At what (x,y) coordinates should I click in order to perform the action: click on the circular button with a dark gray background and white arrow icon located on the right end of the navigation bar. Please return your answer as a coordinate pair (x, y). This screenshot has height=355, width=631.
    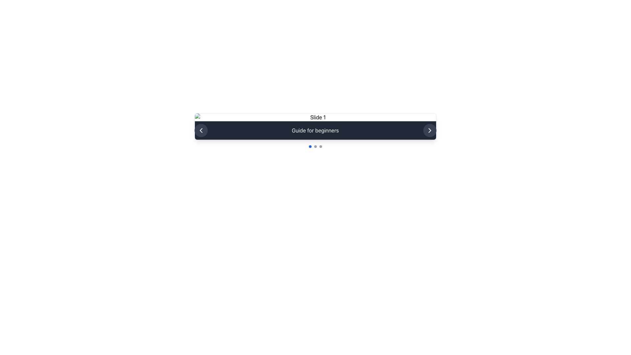
    Looking at the image, I should click on (430, 130).